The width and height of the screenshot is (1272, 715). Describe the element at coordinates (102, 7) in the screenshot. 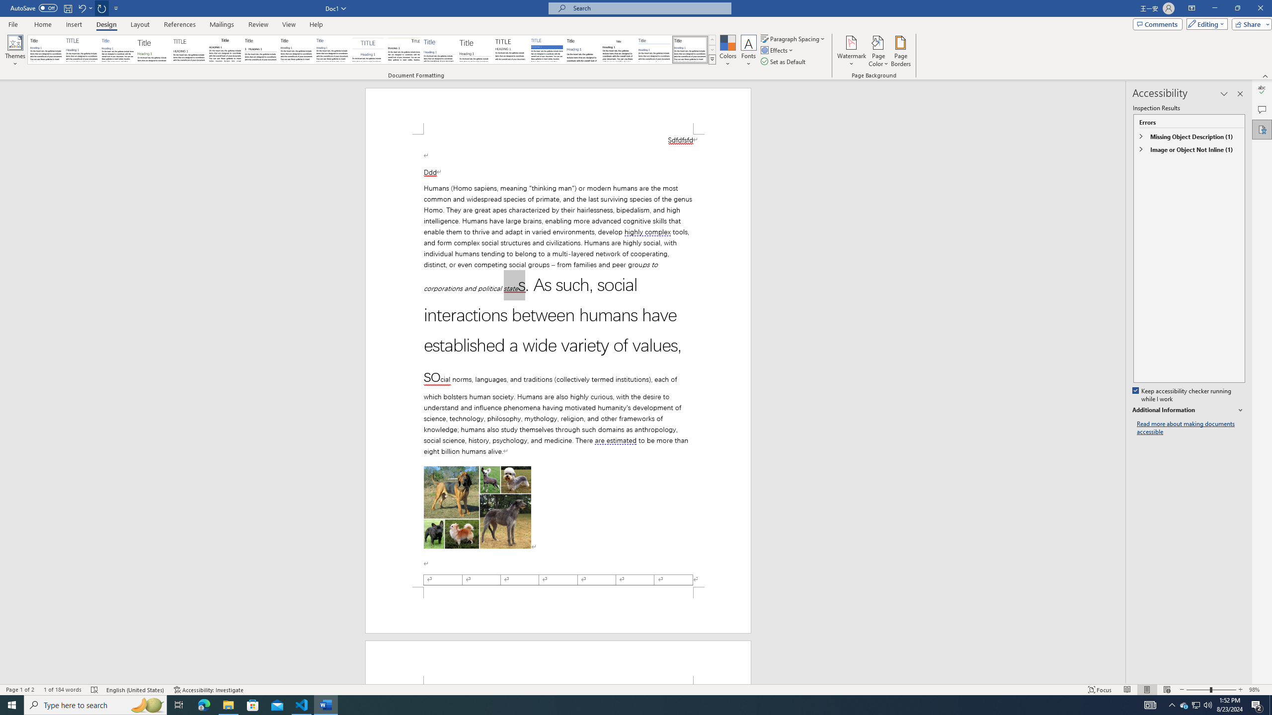

I see `'Repeat Accessibility Checker'` at that location.